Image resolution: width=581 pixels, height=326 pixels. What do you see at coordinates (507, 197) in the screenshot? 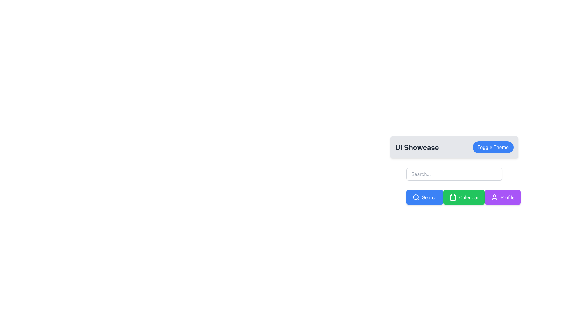
I see `the 'Profile' text label displayed in a bold white font against a purple background, located in the bottom right corner of the interface` at bounding box center [507, 197].